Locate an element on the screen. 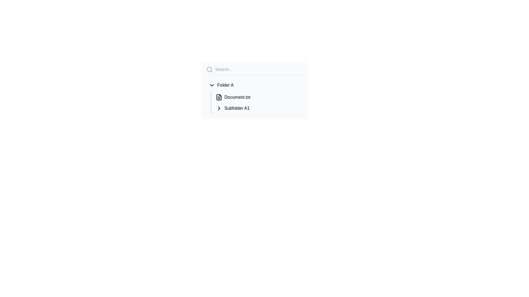  the right-pointing Chevron icon located immediately to the left of the text 'Subfolder A1' is located at coordinates (218, 108).